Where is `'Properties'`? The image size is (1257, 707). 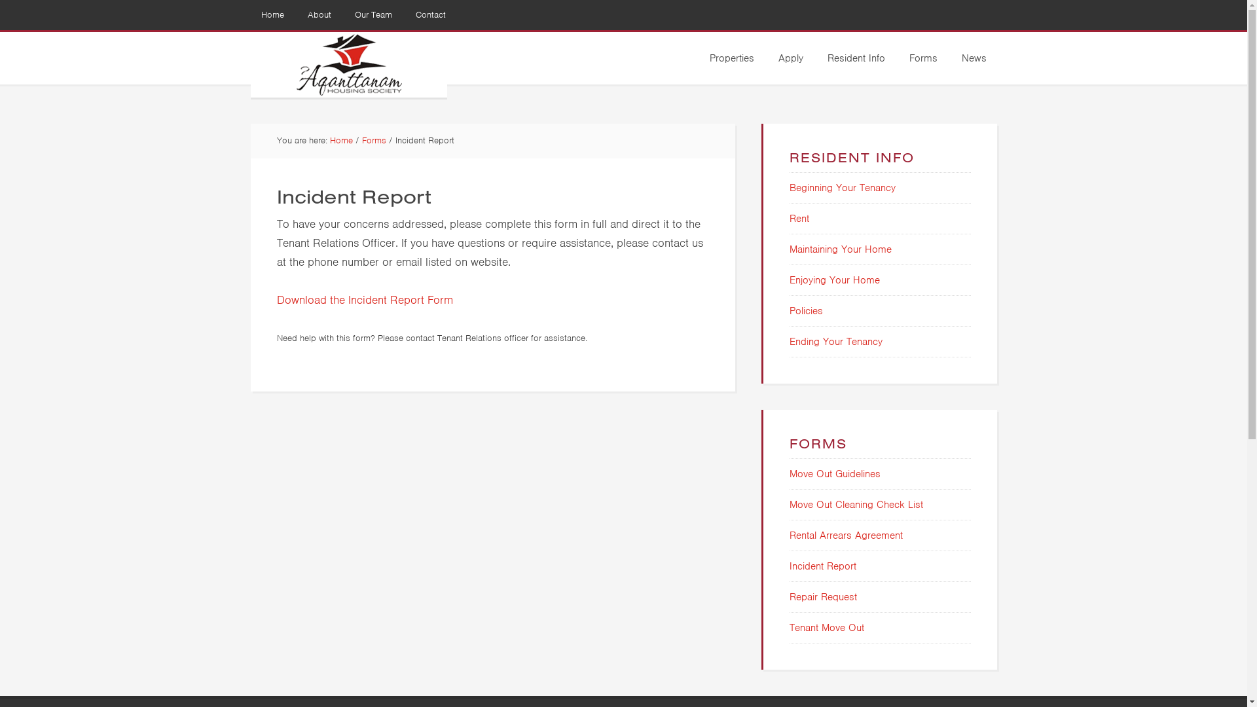 'Properties' is located at coordinates (699, 57).